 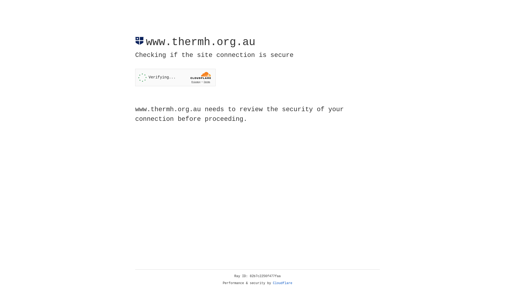 What do you see at coordinates (175, 77) in the screenshot?
I see `'Widget containing a Cloudflare security challenge'` at bounding box center [175, 77].